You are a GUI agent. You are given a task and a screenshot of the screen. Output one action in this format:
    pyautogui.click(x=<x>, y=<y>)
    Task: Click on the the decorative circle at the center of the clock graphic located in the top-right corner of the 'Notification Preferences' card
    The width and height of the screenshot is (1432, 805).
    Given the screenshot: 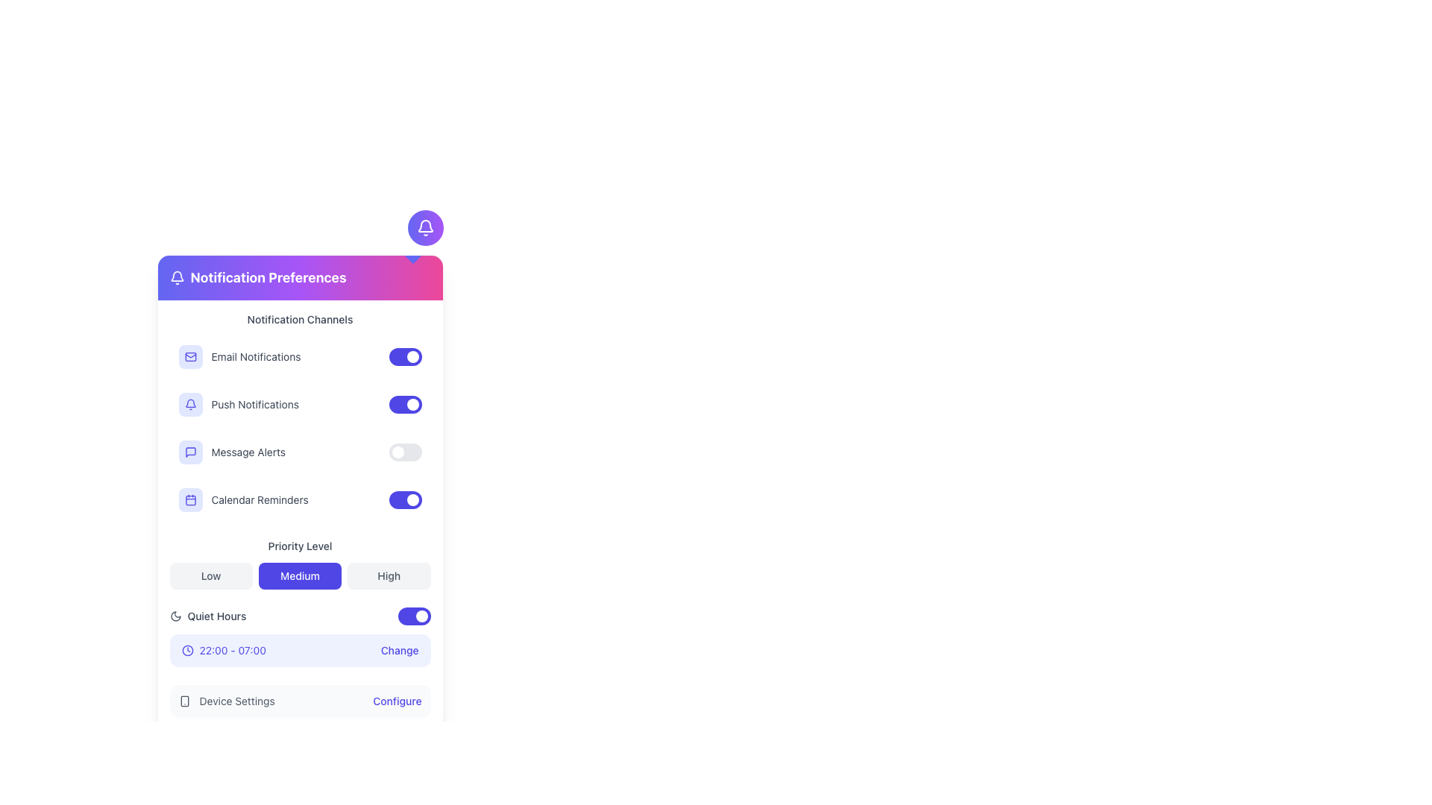 What is the action you would take?
    pyautogui.click(x=186, y=649)
    